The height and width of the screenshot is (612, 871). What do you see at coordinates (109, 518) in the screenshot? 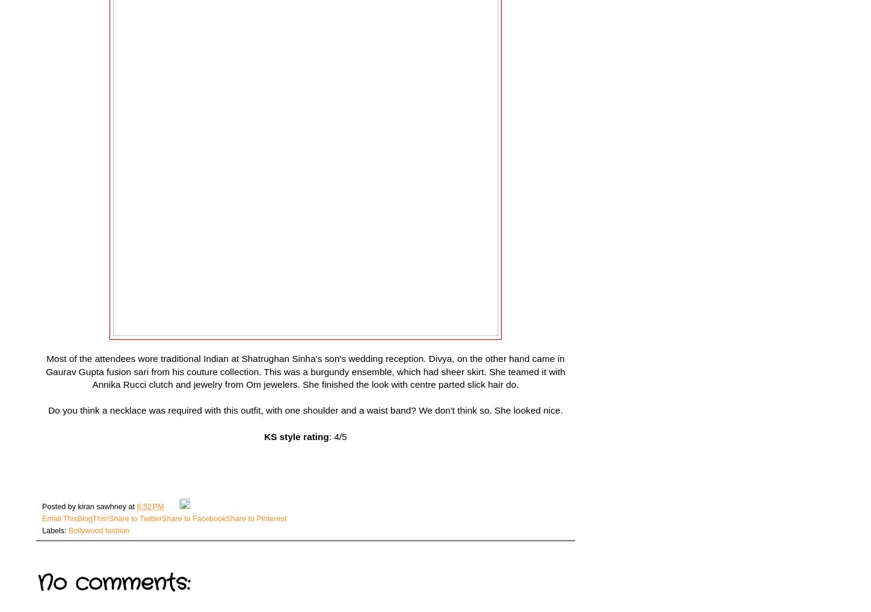
I see `'Share to Twitter'` at bounding box center [109, 518].